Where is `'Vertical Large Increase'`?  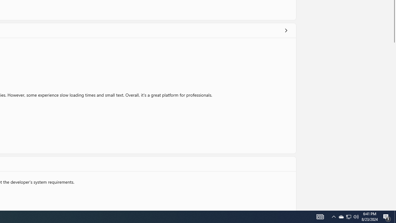
'Vertical Large Increase' is located at coordinates (393, 125).